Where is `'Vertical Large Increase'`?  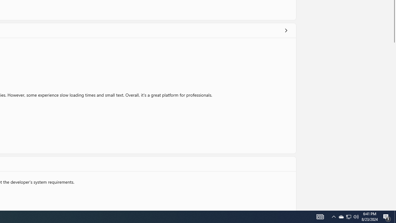
'Vertical Large Increase' is located at coordinates (393, 125).